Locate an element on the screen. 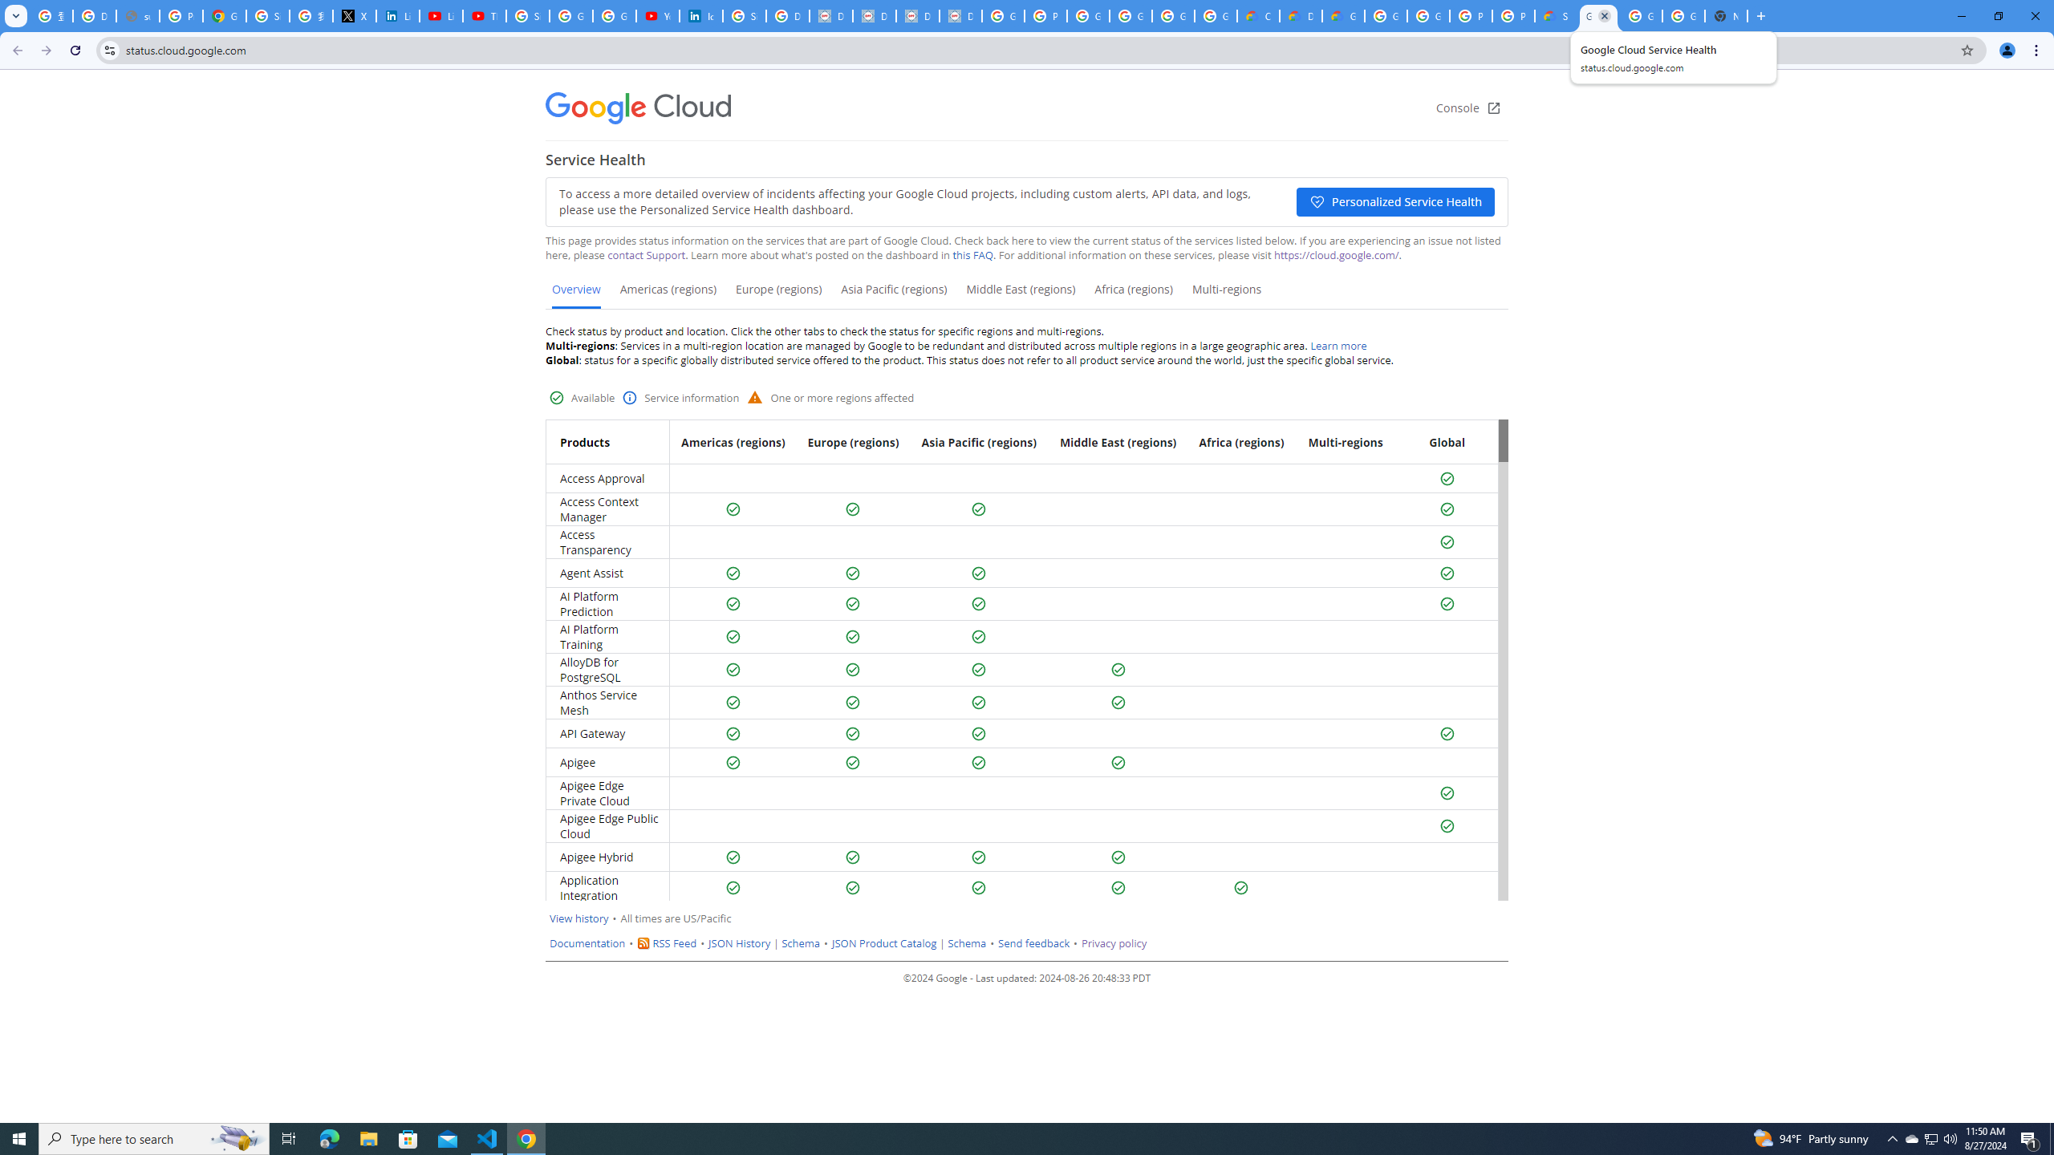 The image size is (2054, 1155). 'Middle East (regions)' is located at coordinates (1020, 294).